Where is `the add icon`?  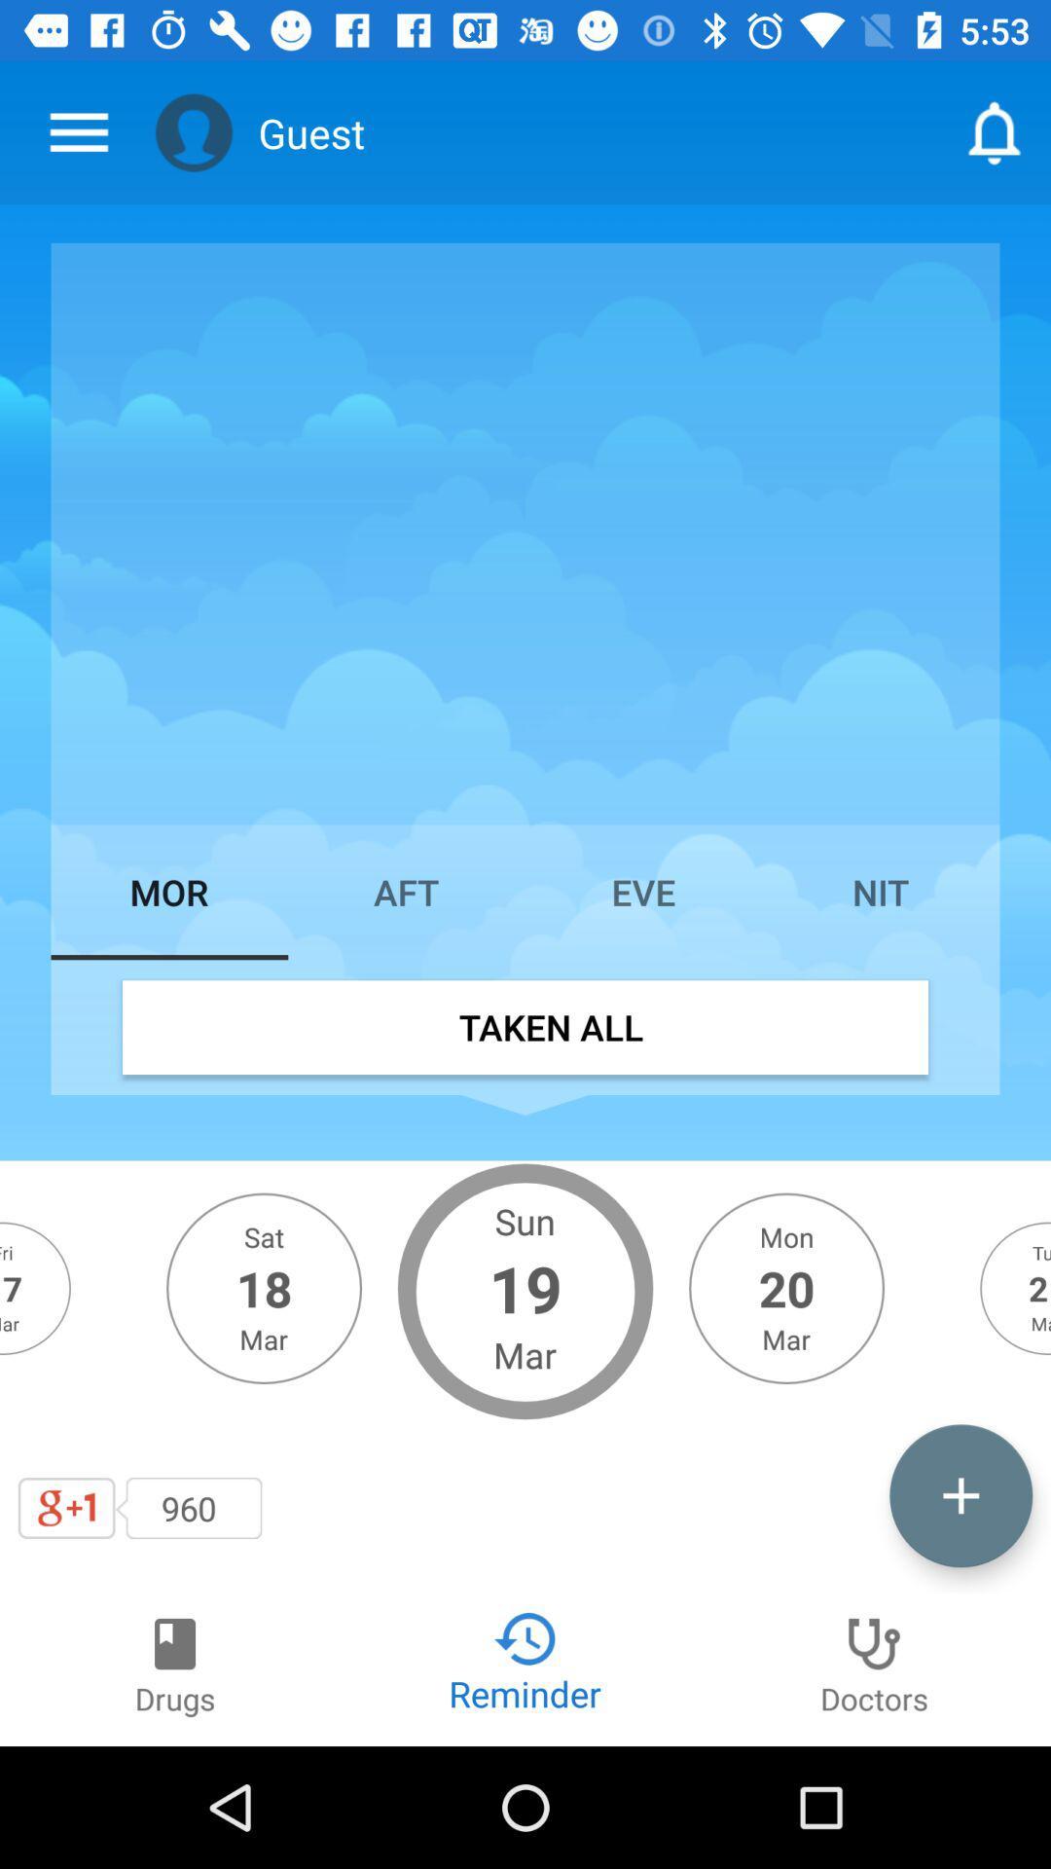 the add icon is located at coordinates (960, 1494).